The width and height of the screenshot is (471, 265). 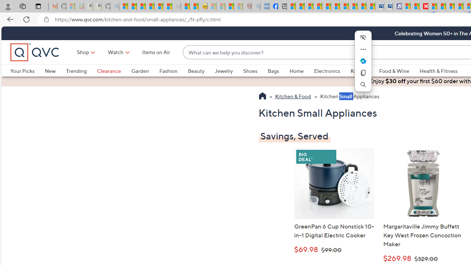 What do you see at coordinates (363, 37) in the screenshot?
I see `'Hide menu'` at bounding box center [363, 37].